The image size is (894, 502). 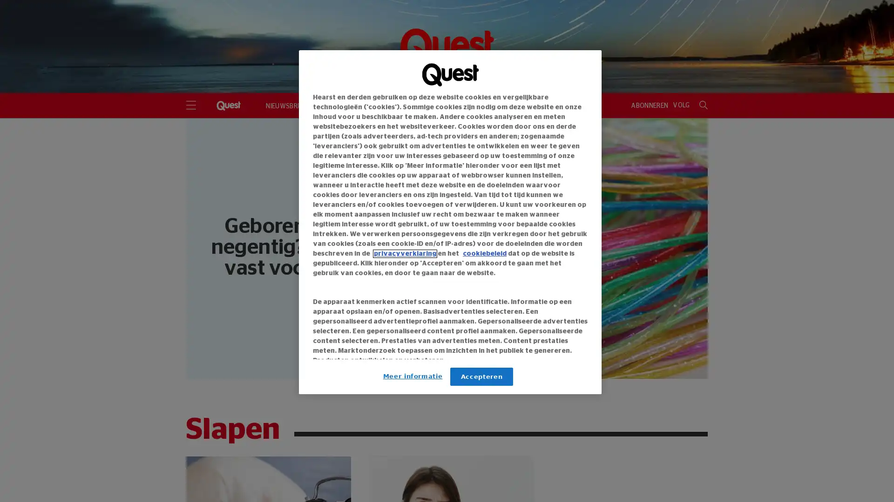 What do you see at coordinates (481, 376) in the screenshot?
I see `Accepteren` at bounding box center [481, 376].